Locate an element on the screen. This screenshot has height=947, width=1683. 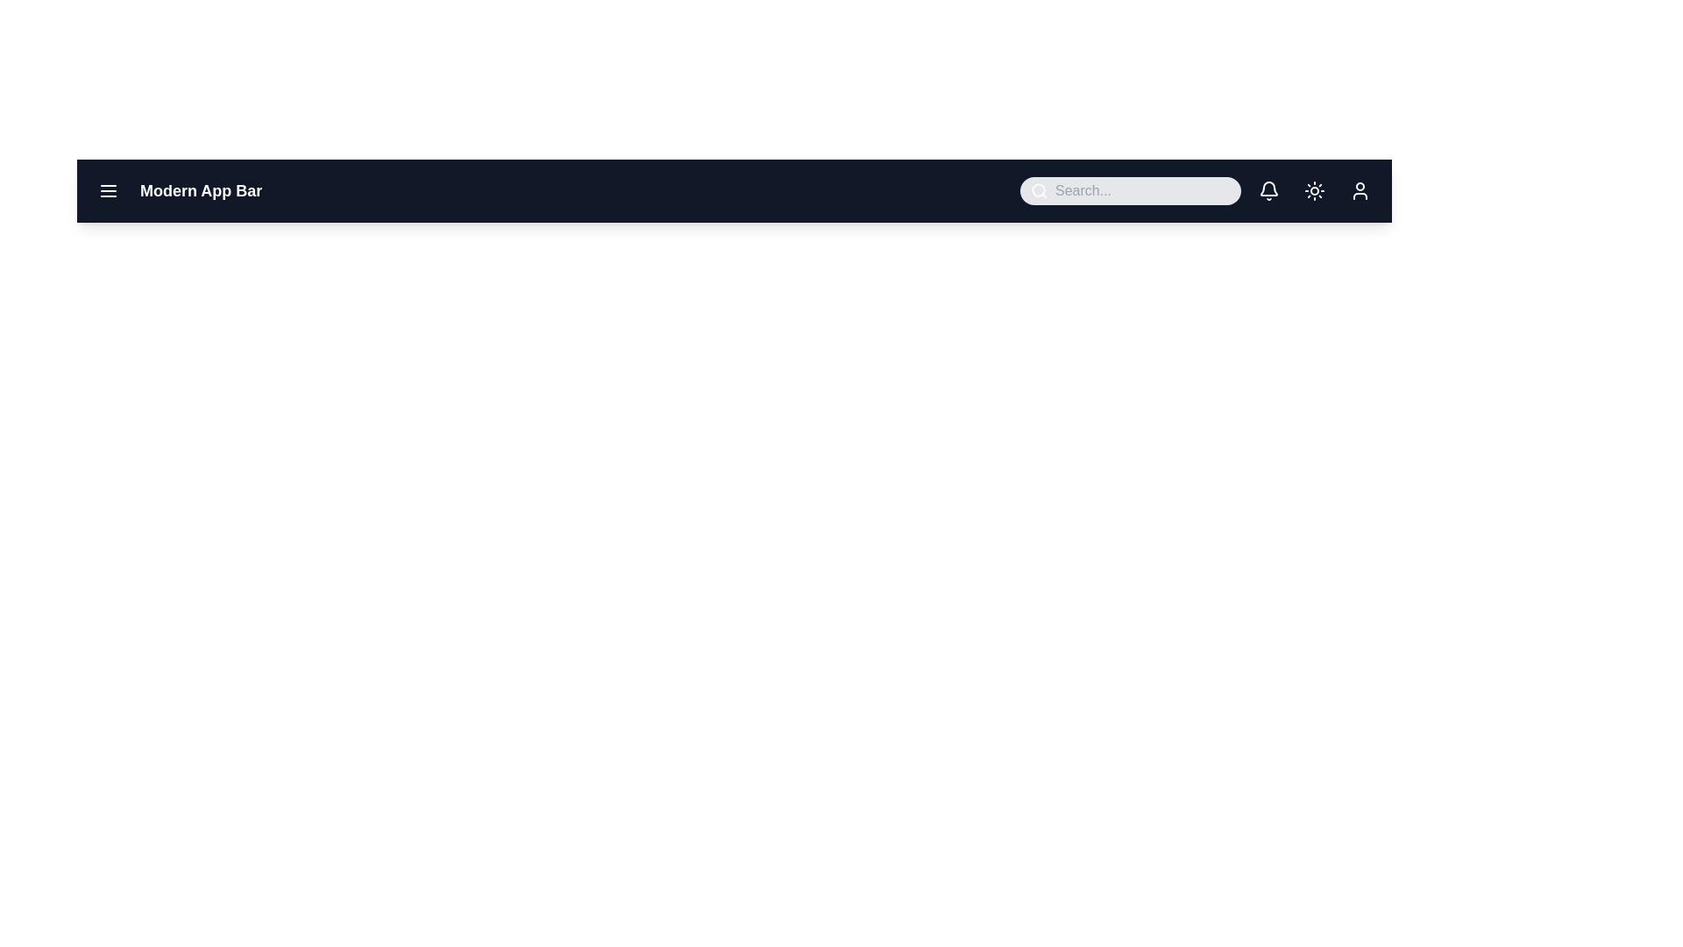
the theme toggle button to switch between light and dark mode is located at coordinates (1314, 191).